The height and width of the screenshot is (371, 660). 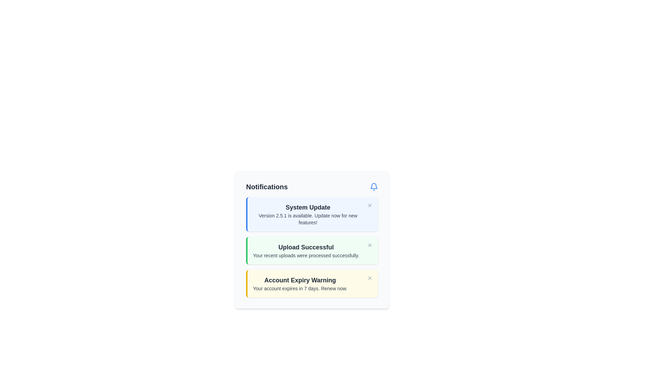 What do you see at coordinates (308, 207) in the screenshot?
I see `the text label at the top of the notification card titled 'System Update', which indicates the purpose of the notification` at bounding box center [308, 207].